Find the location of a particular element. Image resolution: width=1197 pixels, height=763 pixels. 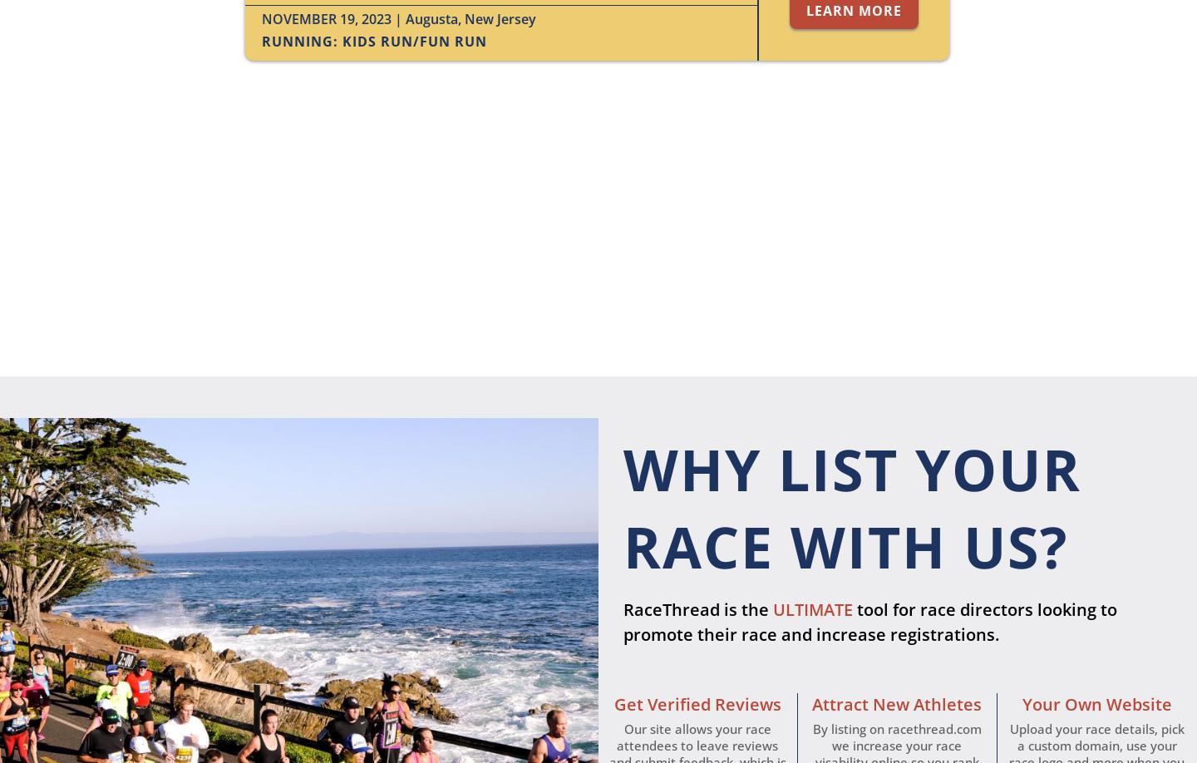

'Kids Run/Fun Run' is located at coordinates (413, 42).